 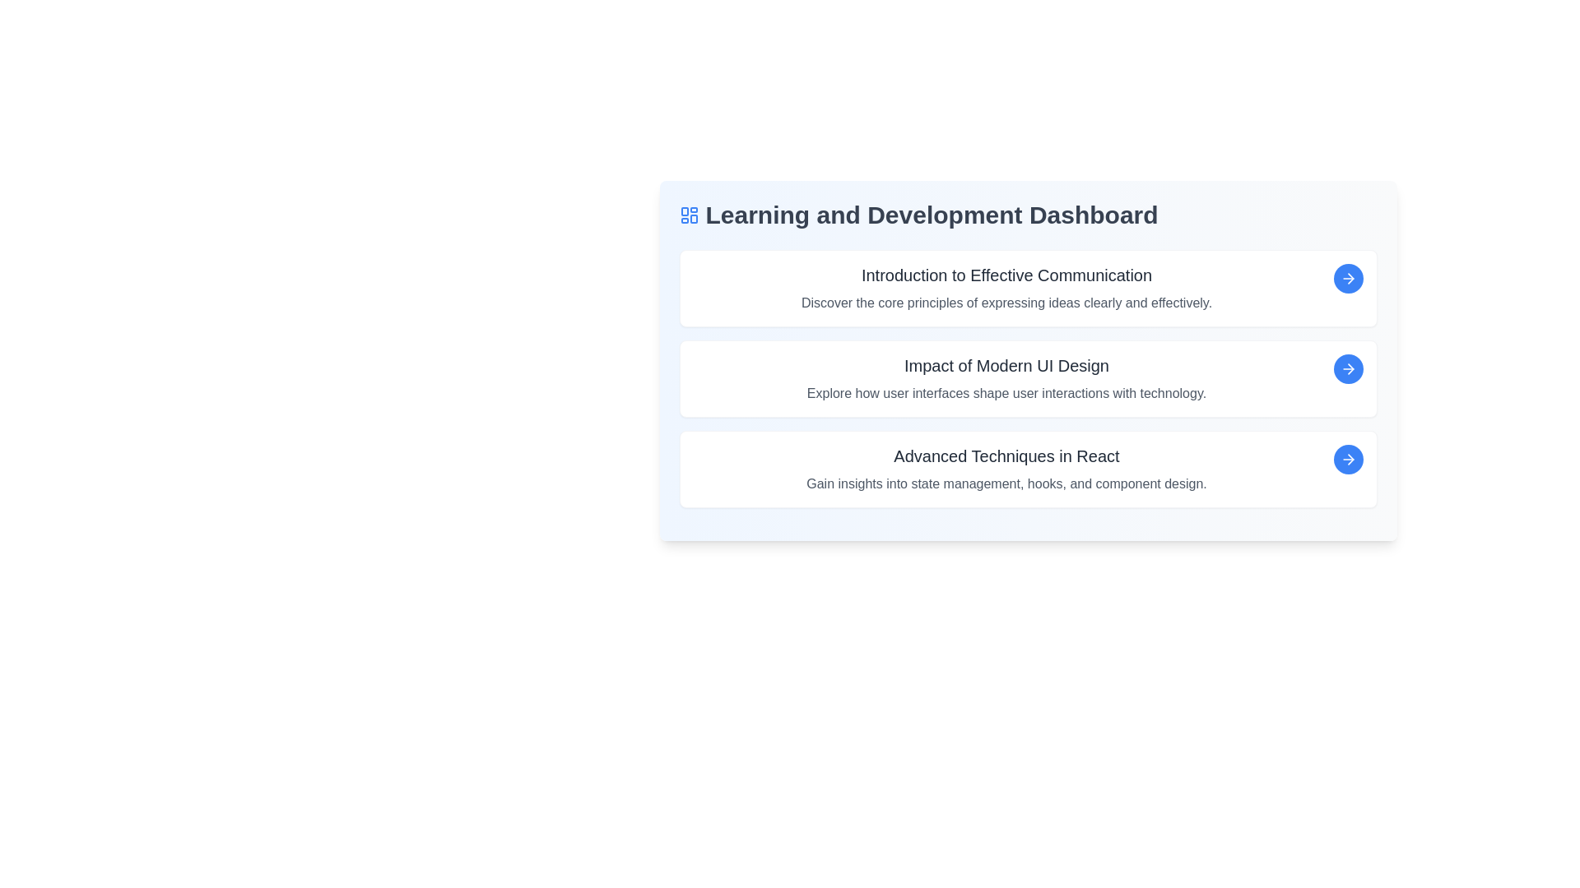 What do you see at coordinates (1006, 288) in the screenshot?
I see `title and subtitle of the static text display located at the top center of the interface, which serves as a summary for the module` at bounding box center [1006, 288].